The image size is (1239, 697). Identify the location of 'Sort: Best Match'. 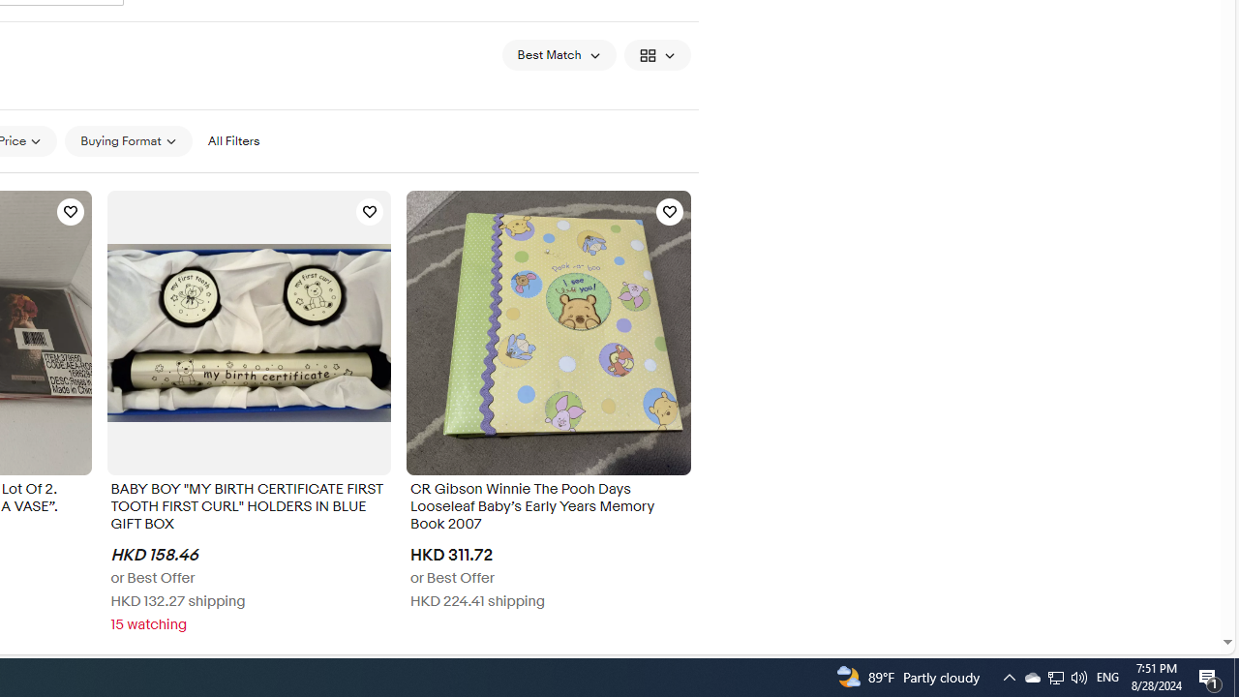
(558, 53).